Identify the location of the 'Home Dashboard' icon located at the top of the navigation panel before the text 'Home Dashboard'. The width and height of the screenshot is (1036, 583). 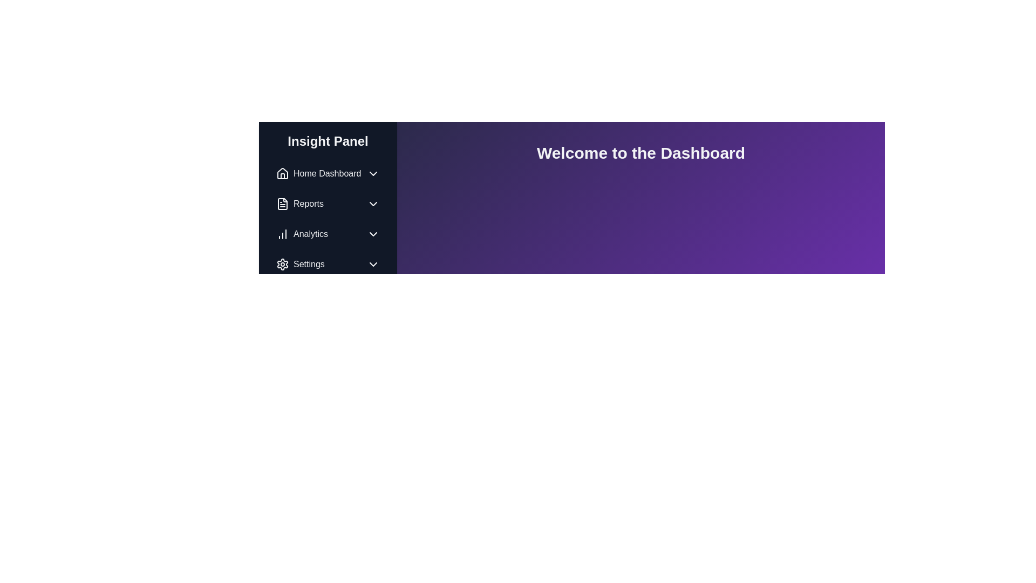
(282, 173).